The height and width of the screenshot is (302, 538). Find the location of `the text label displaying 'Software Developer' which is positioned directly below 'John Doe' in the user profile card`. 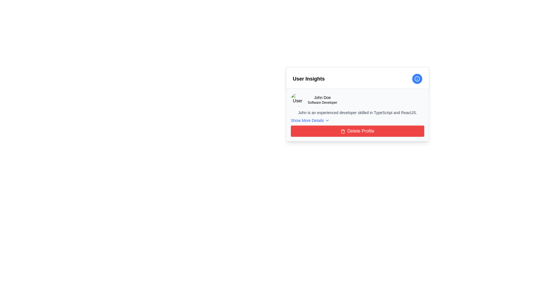

the text label displaying 'Software Developer' which is positioned directly below 'John Doe' in the user profile card is located at coordinates (322, 102).